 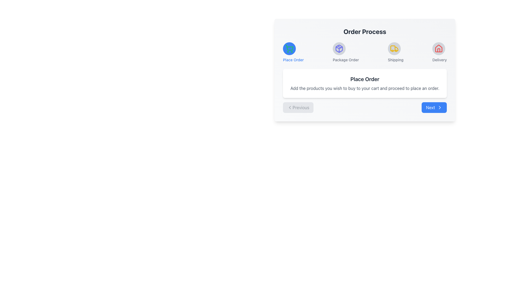 What do you see at coordinates (346, 60) in the screenshot?
I see `the 'Package Order' text label, which is styled in medium size gray font and located below the second icon in the navigation bar` at bounding box center [346, 60].